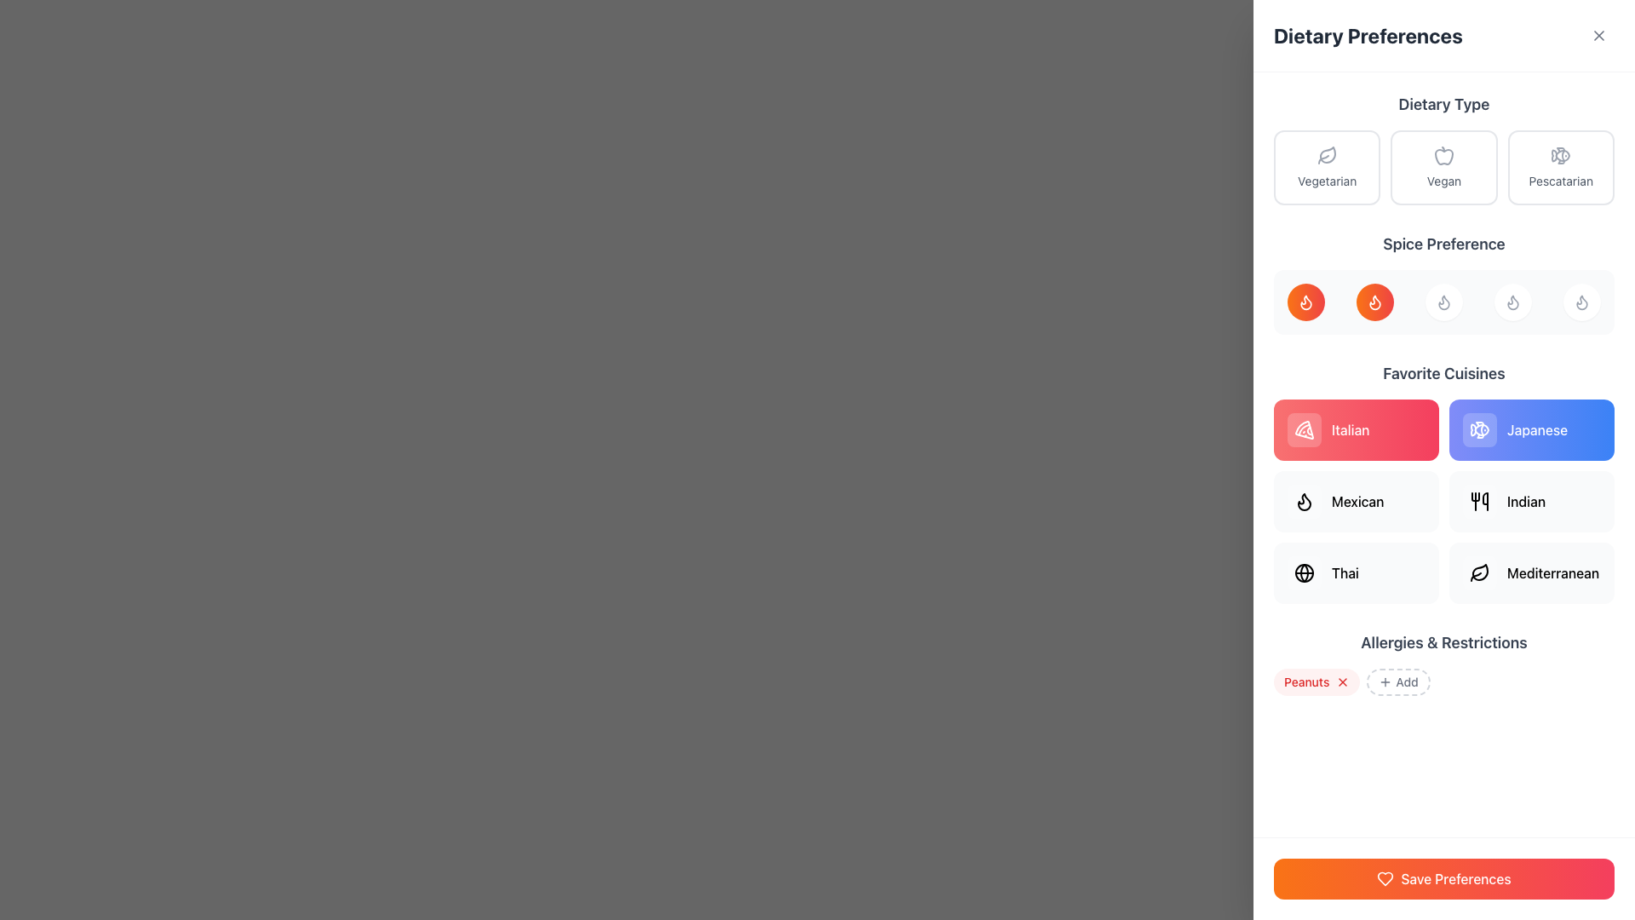 The image size is (1635, 920). What do you see at coordinates (1478, 572) in the screenshot?
I see `the leaf-shaped icon outlined in black, located within the 'Mediterranean' label under the 'Favorite Cuisines' section, positioned in the last box on the right of the grid layout` at bounding box center [1478, 572].